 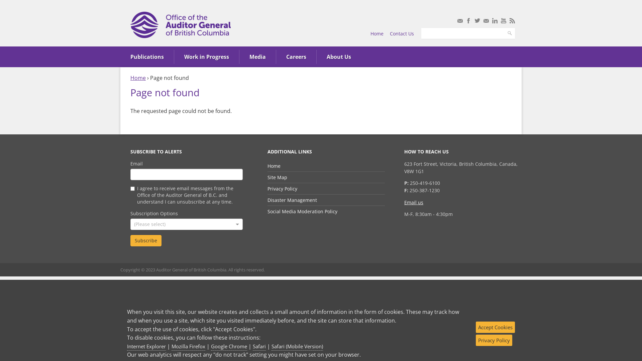 I want to click on 'Social Media Moderation Policy', so click(x=302, y=211).